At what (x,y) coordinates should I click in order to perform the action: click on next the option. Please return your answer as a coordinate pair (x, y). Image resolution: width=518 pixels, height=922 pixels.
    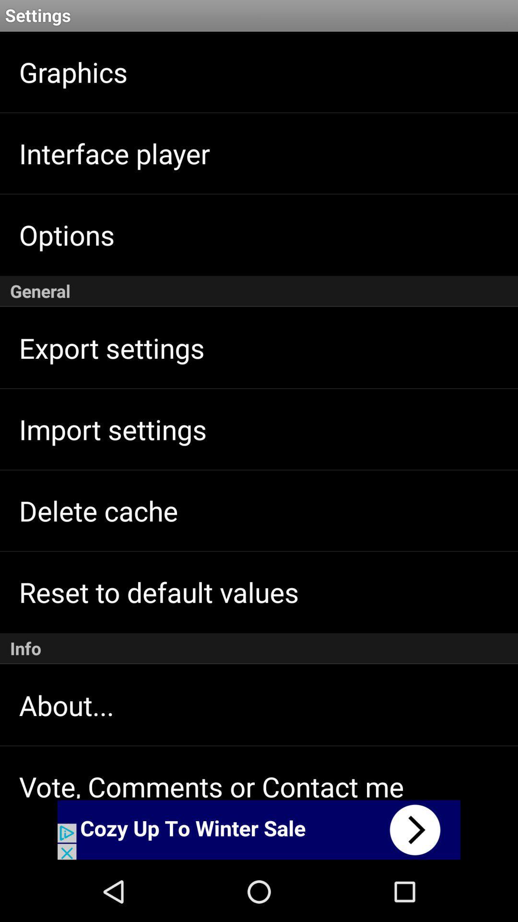
    Looking at the image, I should click on (259, 829).